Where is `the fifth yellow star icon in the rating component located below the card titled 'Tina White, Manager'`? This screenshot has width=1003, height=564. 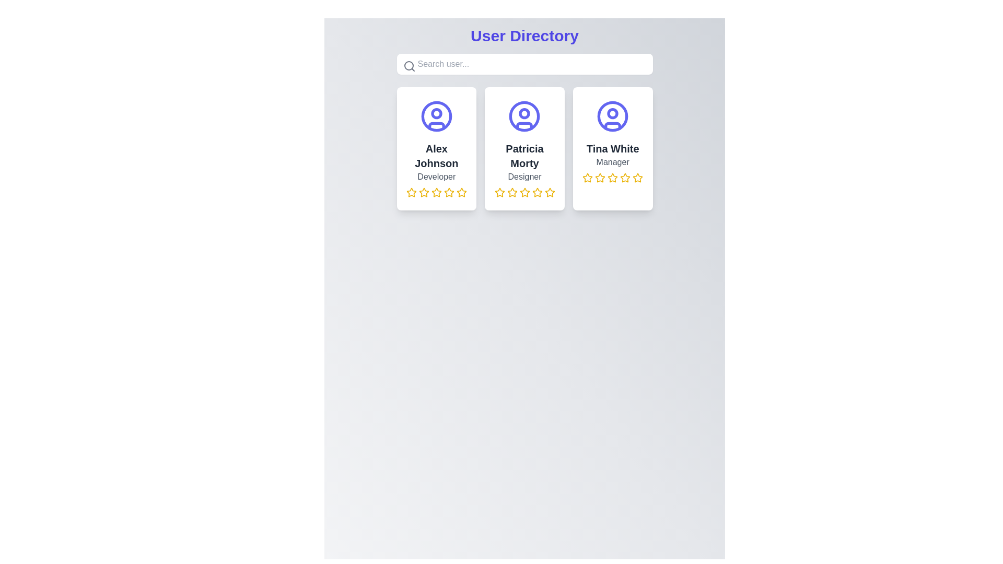 the fifth yellow star icon in the rating component located below the card titled 'Tina White, Manager' is located at coordinates (625, 177).